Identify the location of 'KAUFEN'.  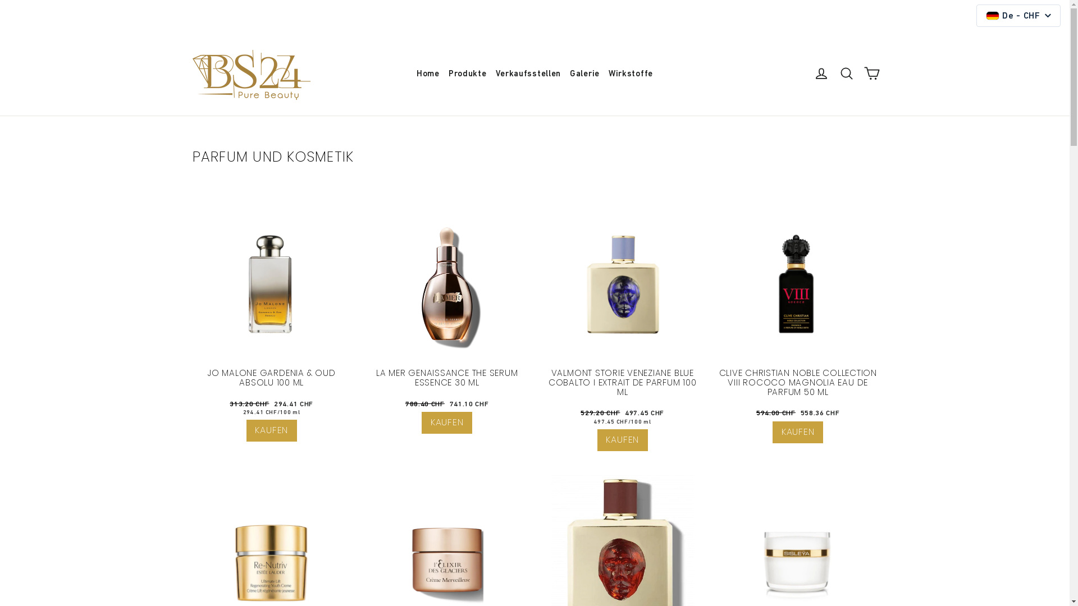
(446, 423).